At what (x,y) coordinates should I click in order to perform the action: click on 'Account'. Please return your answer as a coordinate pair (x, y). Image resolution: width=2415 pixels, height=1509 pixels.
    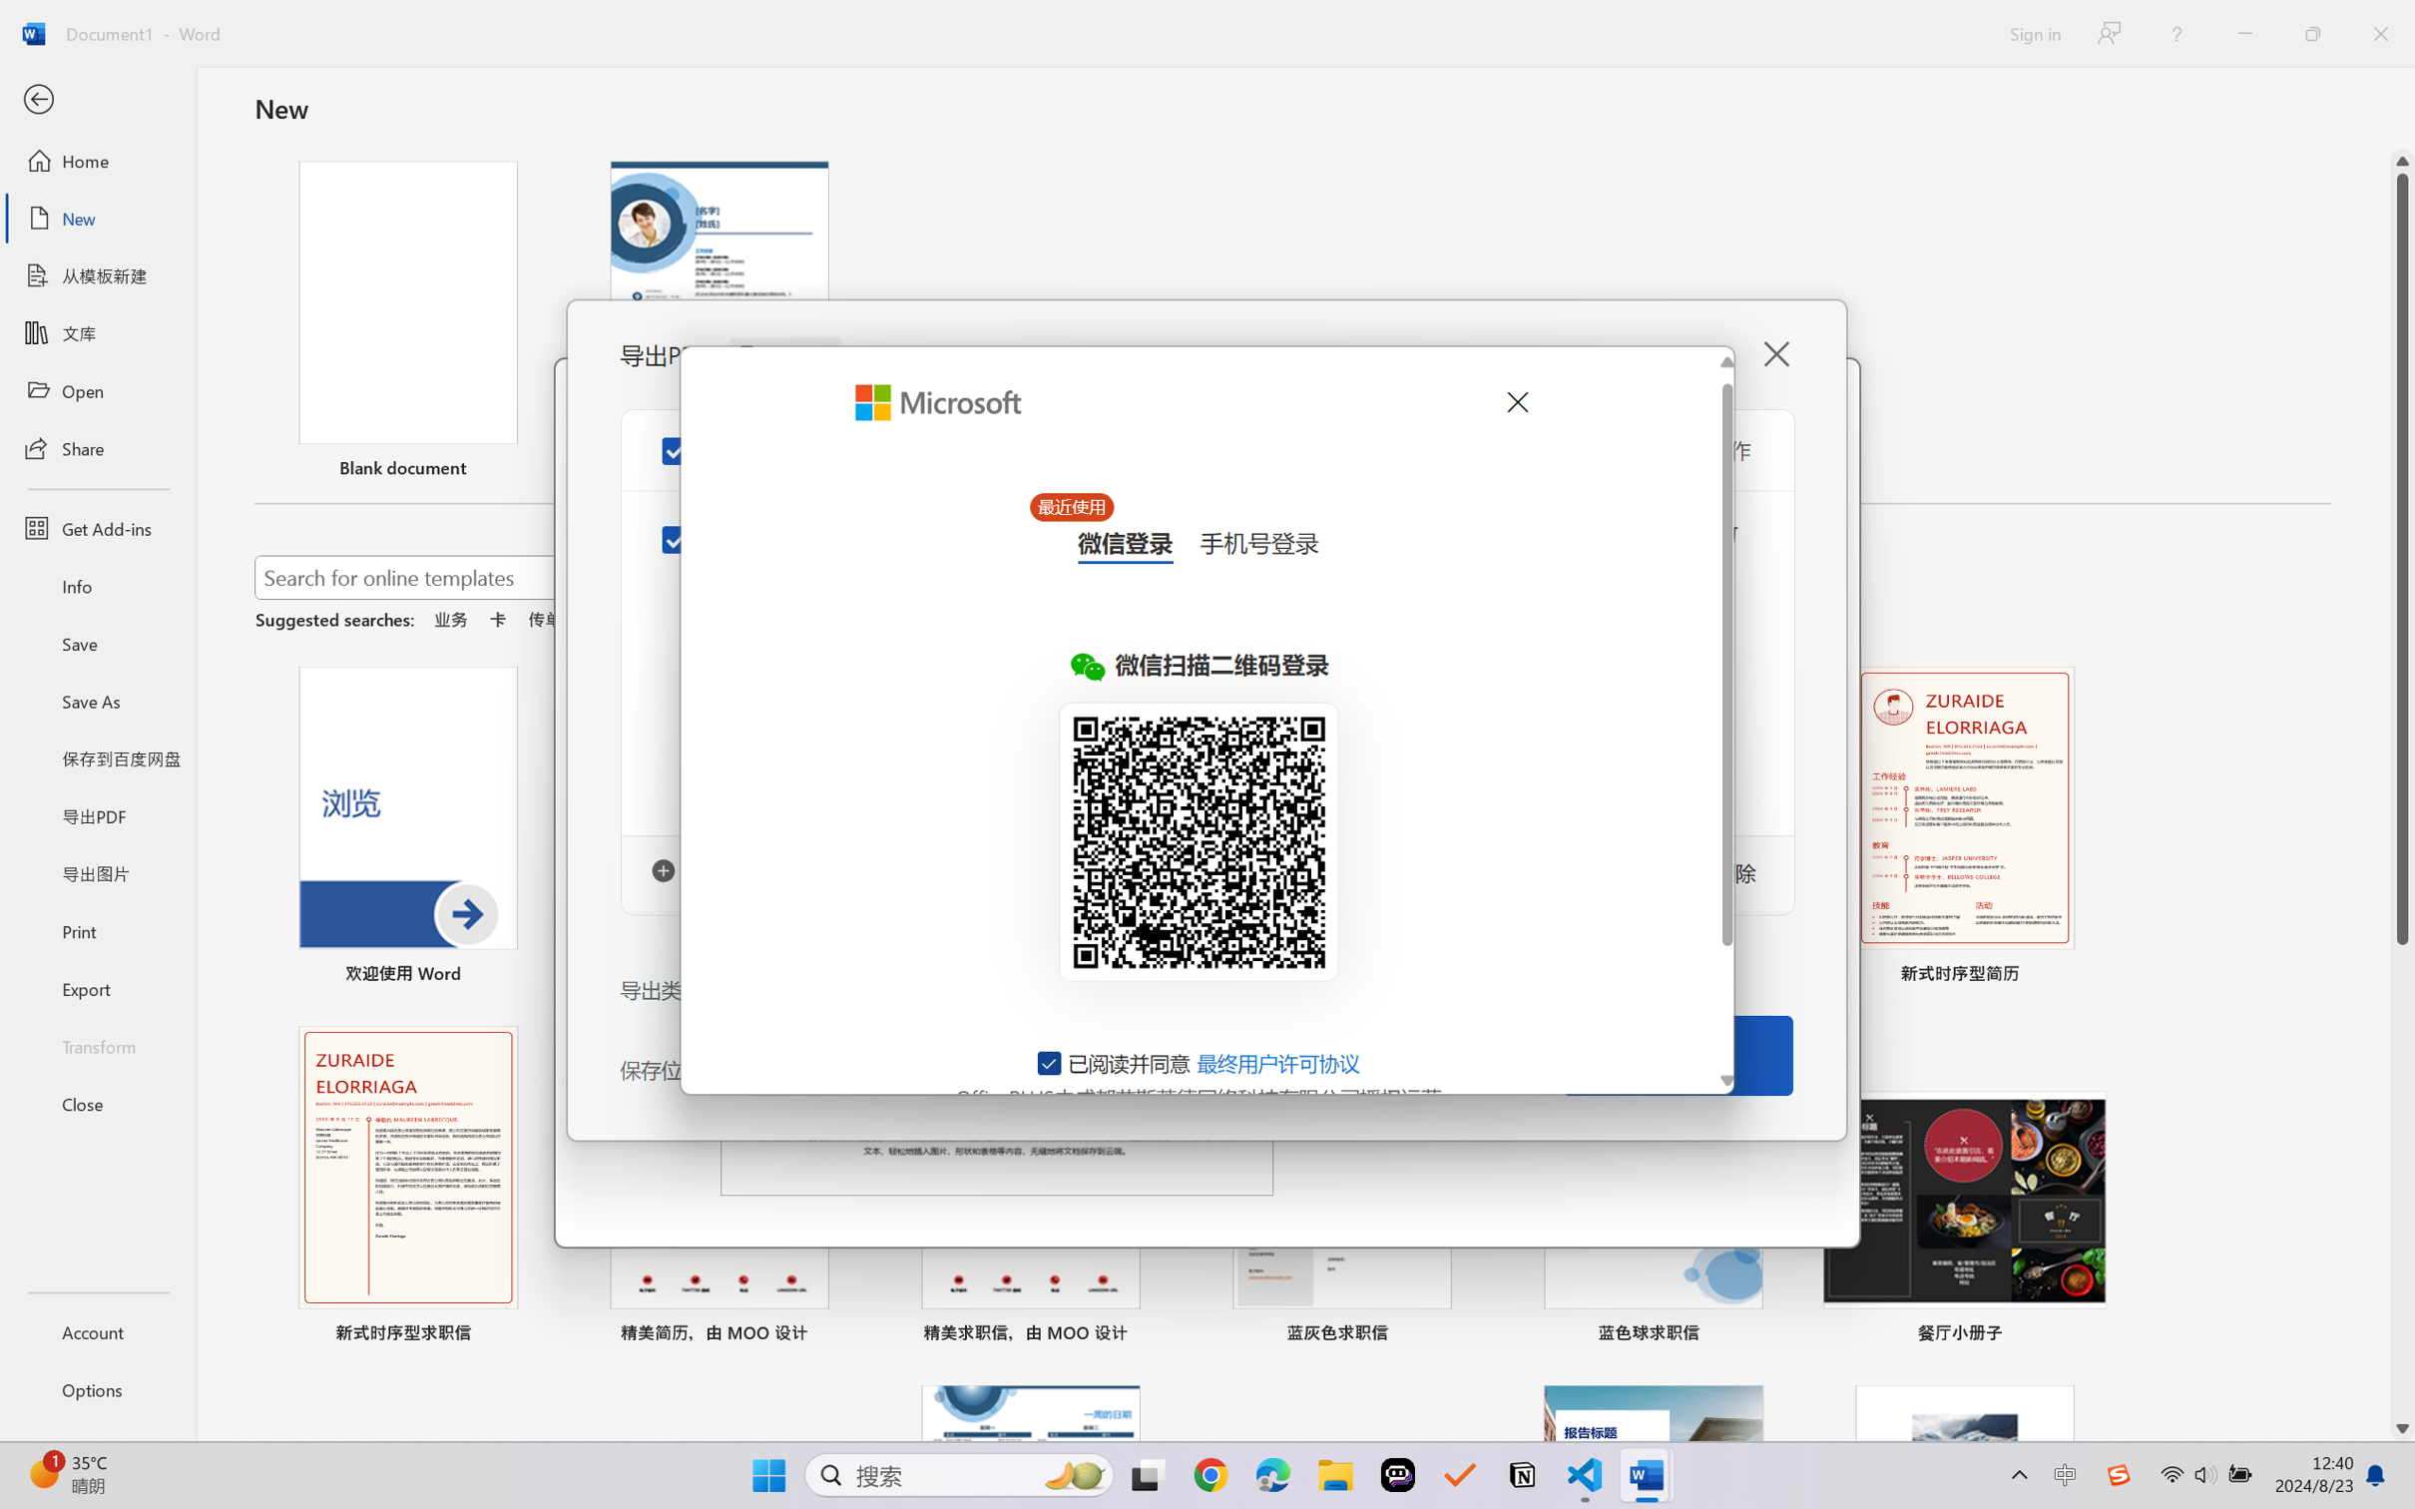
    Looking at the image, I should click on (97, 1331).